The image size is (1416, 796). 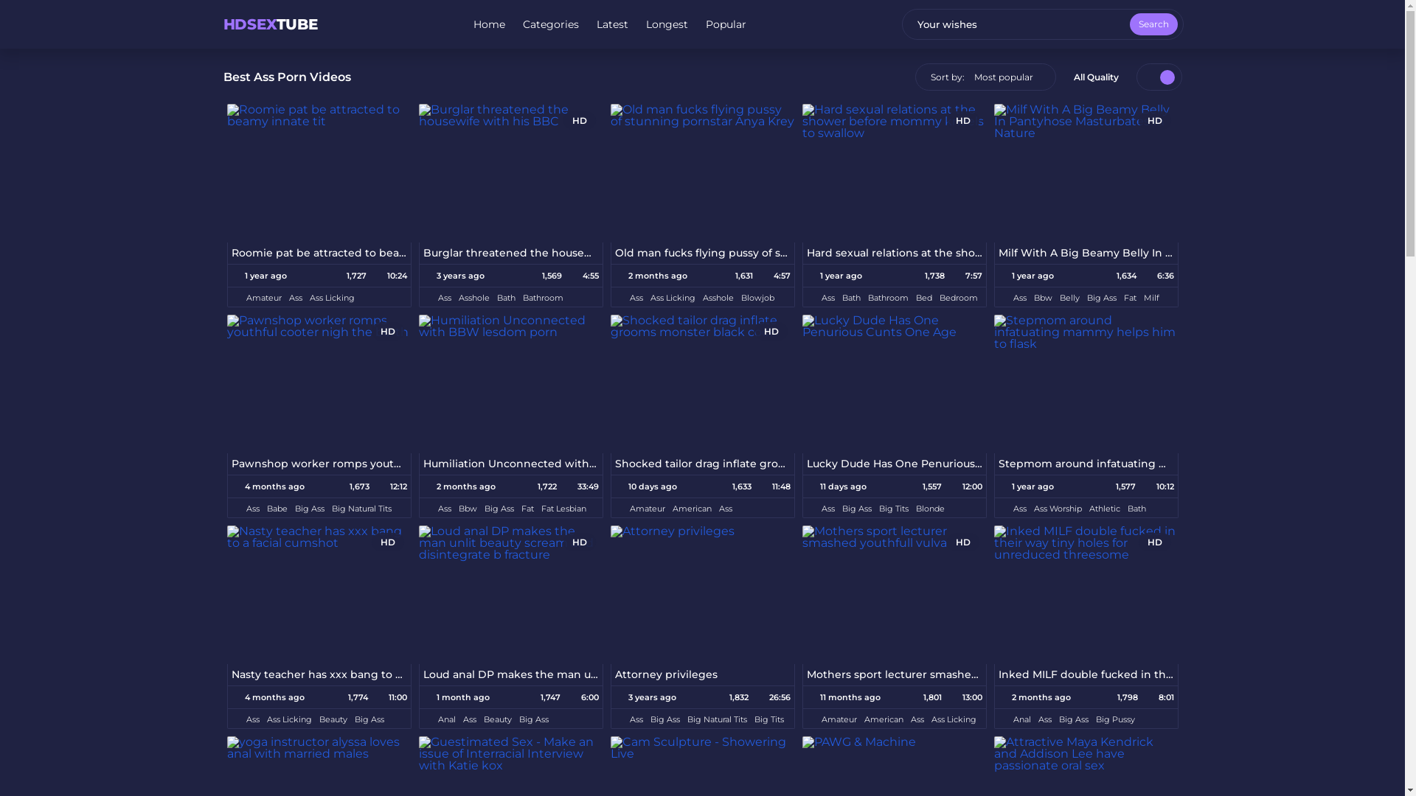 I want to click on 'Search', so click(x=1128, y=24).